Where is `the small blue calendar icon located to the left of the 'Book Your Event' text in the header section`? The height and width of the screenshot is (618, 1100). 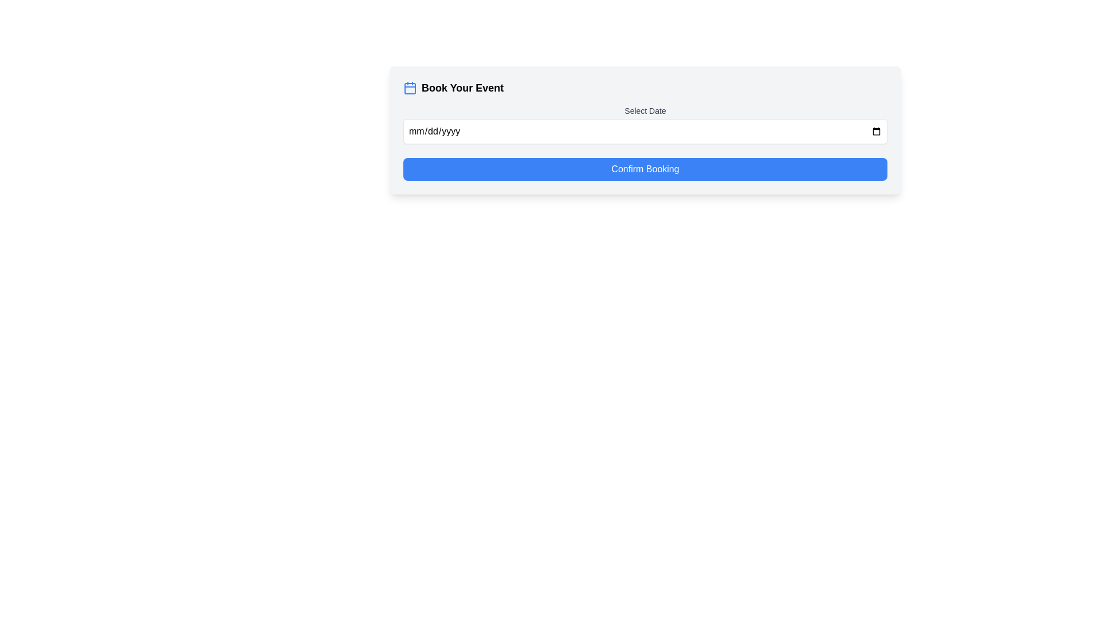 the small blue calendar icon located to the left of the 'Book Your Event' text in the header section is located at coordinates (410, 88).